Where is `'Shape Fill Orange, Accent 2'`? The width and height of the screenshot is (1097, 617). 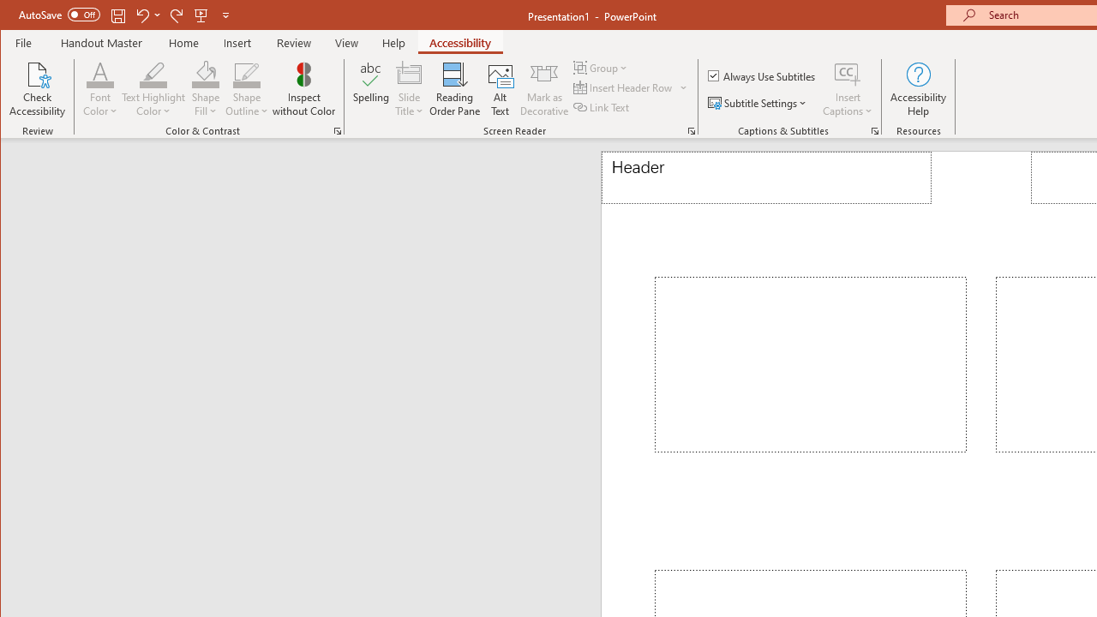
'Shape Fill Orange, Accent 2' is located at coordinates (206, 73).